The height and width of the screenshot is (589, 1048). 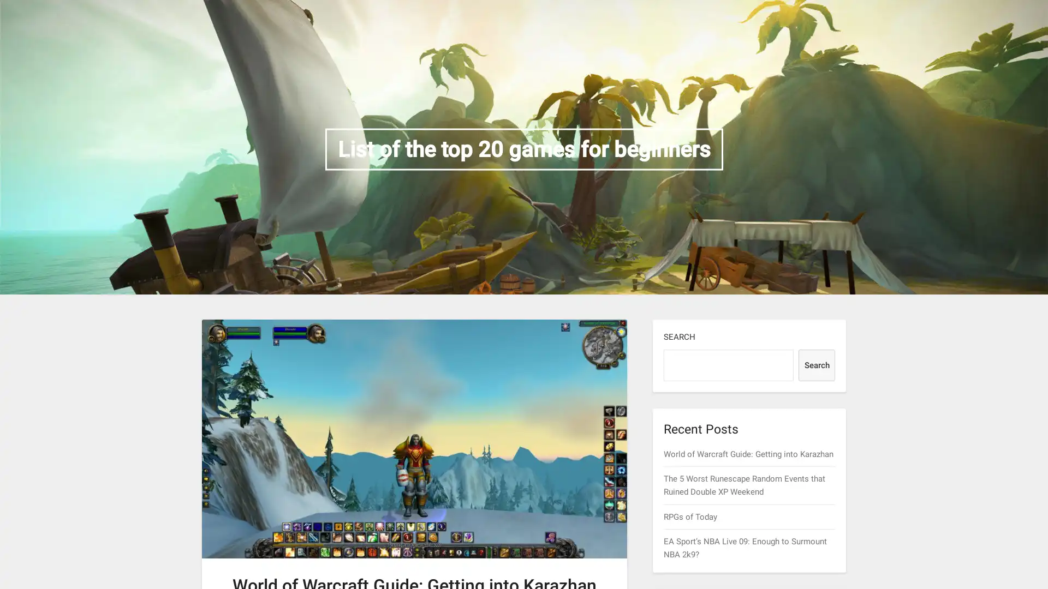 What do you see at coordinates (817, 365) in the screenshot?
I see `Search` at bounding box center [817, 365].